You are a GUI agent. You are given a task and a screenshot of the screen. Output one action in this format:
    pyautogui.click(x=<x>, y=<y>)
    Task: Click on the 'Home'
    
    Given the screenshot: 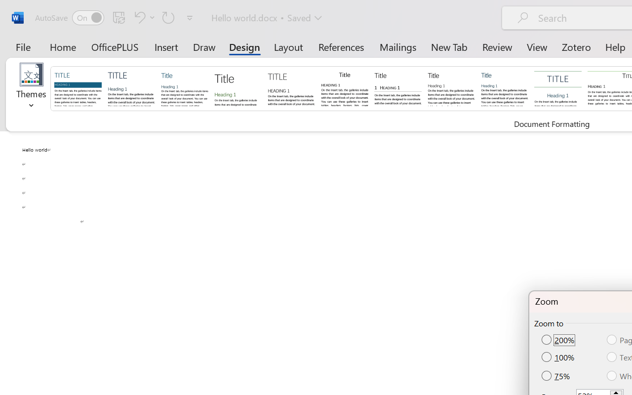 What is the action you would take?
    pyautogui.click(x=63, y=46)
    